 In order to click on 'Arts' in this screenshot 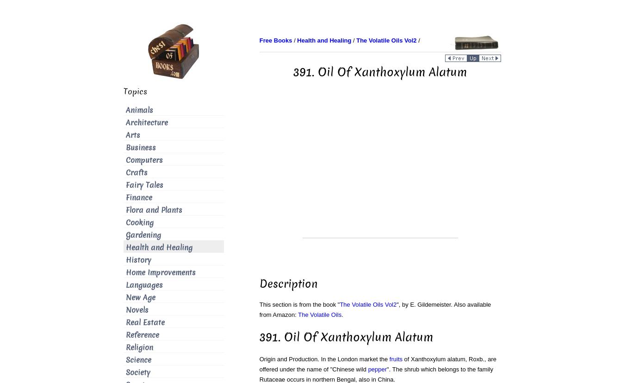, I will do `click(133, 135)`.